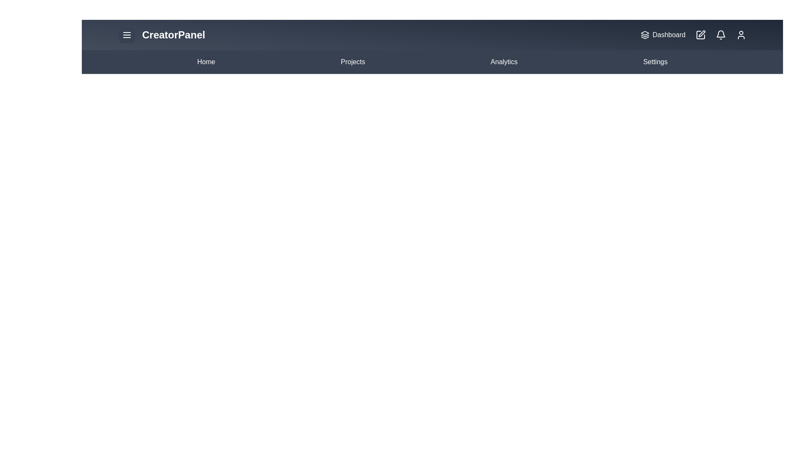  I want to click on the menu toggle button to toggle the menu visibility, so click(127, 35).